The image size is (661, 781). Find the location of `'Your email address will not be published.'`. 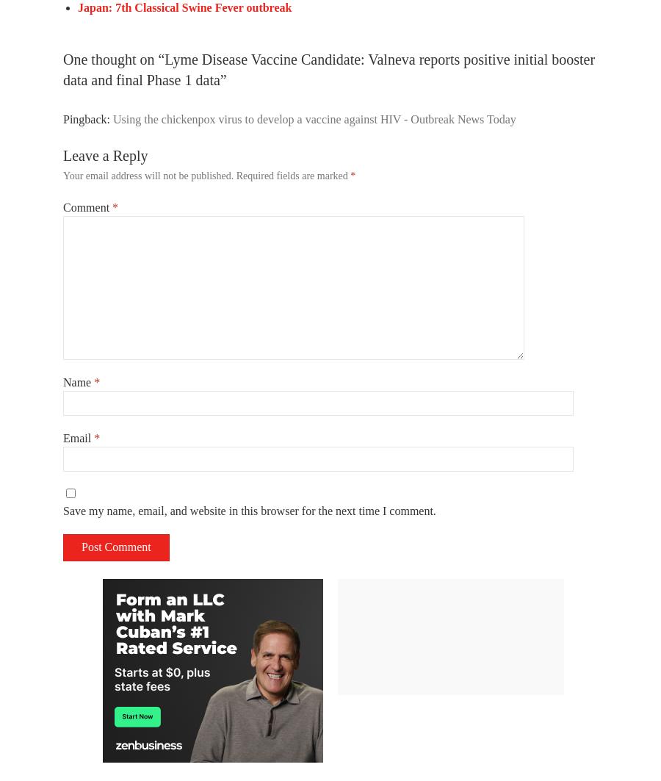

'Your email address will not be published.' is located at coordinates (148, 176).